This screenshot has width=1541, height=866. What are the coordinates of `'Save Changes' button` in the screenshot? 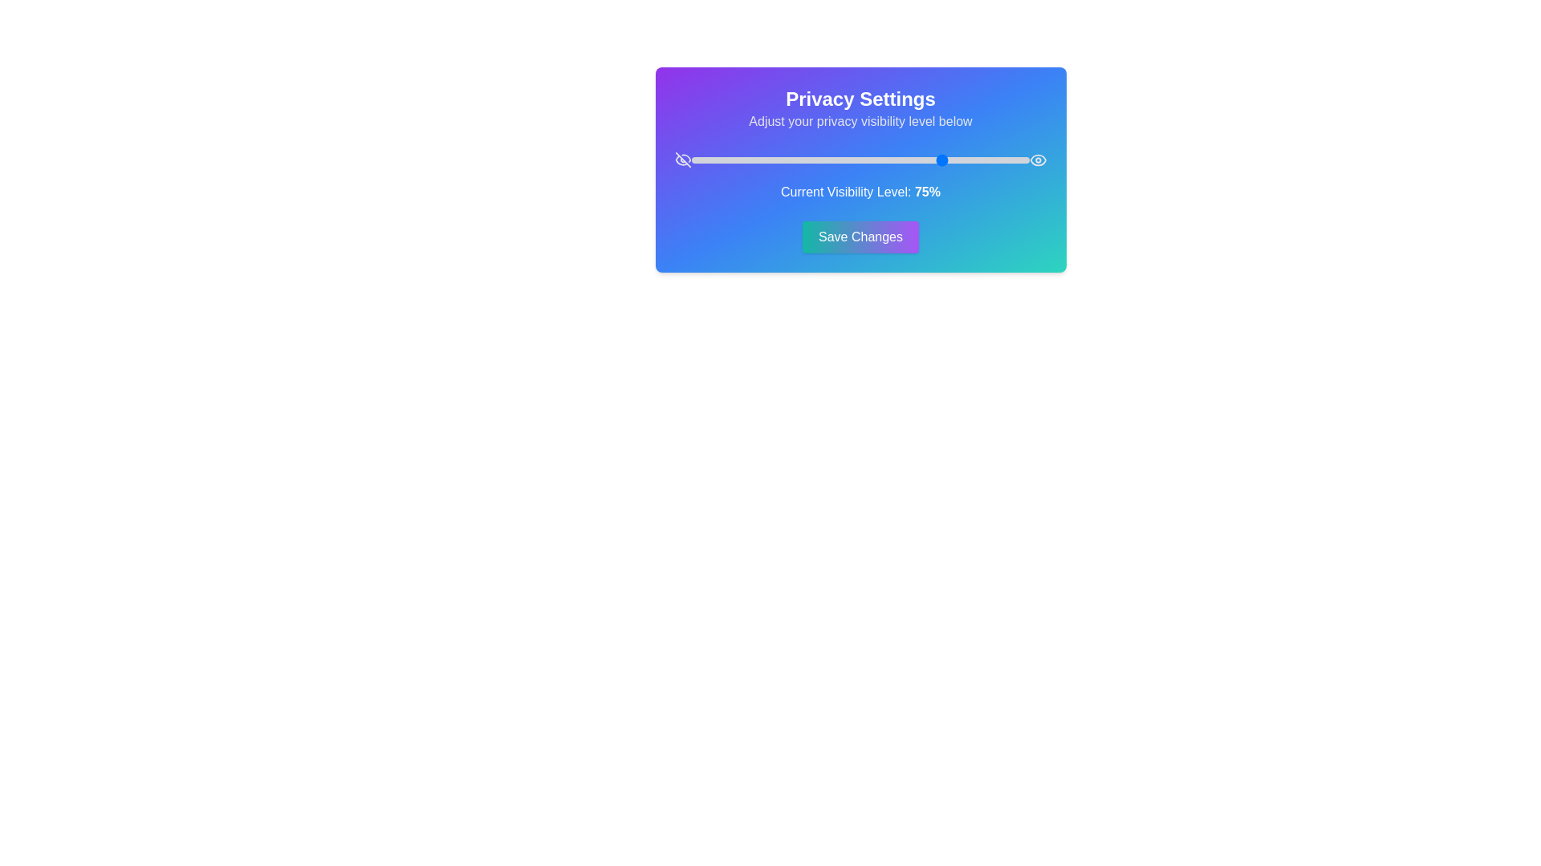 It's located at (860, 237).